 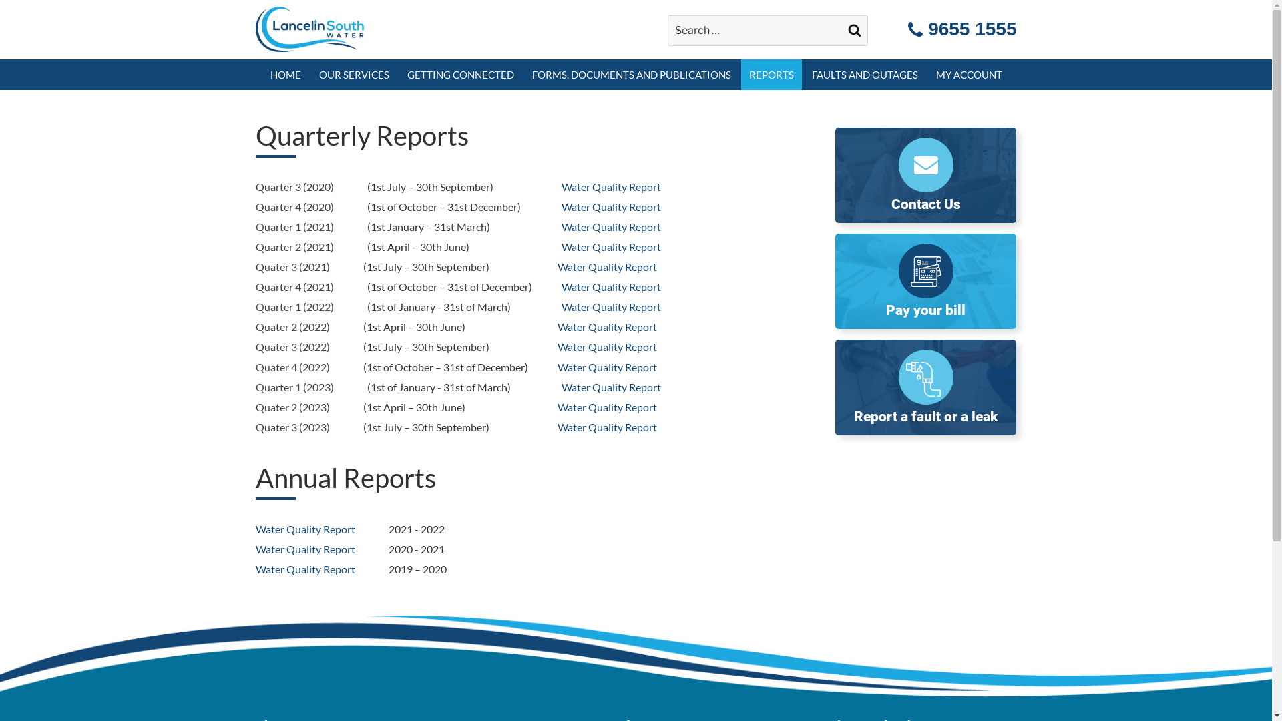 I want to click on 'Skip to content', so click(x=0, y=0).